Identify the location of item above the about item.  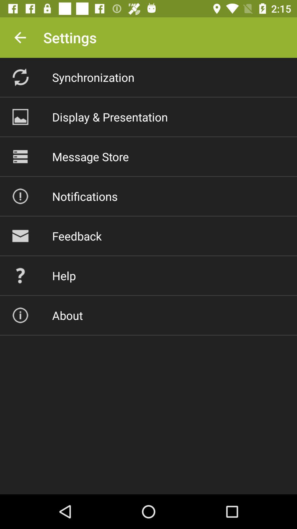
(64, 276).